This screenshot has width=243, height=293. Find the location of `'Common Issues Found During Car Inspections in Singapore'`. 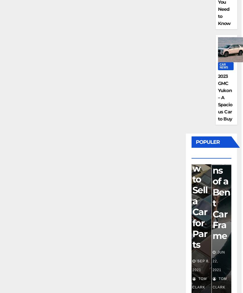

'Common Issues Found During Car Inspections in Singapore' is located at coordinates (200, 151).